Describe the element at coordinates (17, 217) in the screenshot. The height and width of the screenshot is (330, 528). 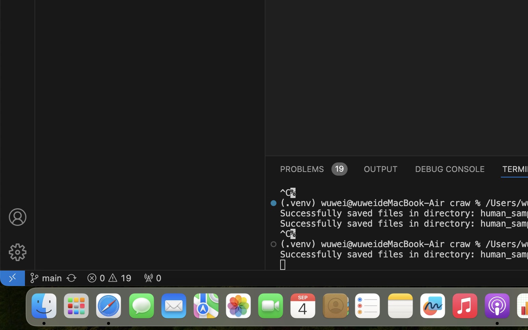
I see `''` at that location.